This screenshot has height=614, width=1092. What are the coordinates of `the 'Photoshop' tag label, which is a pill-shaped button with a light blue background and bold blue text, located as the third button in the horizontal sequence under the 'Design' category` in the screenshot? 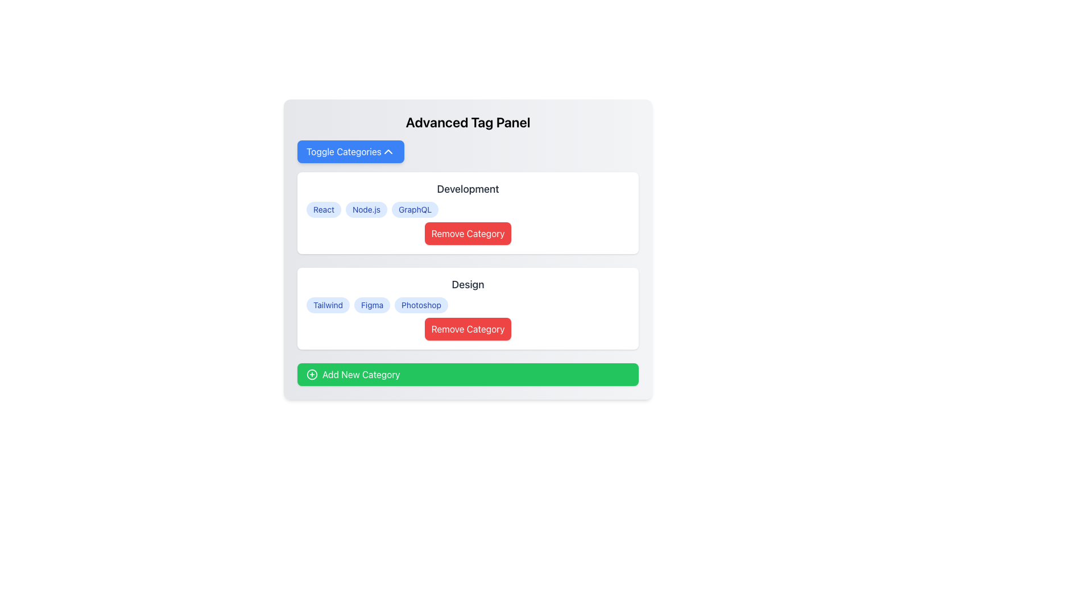 It's located at (421, 304).